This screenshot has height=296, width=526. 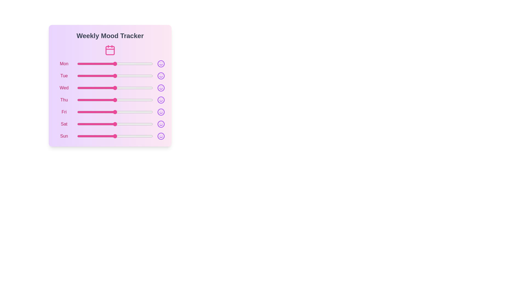 I want to click on the smiley icon corresponding to the day Tue, so click(x=161, y=76).